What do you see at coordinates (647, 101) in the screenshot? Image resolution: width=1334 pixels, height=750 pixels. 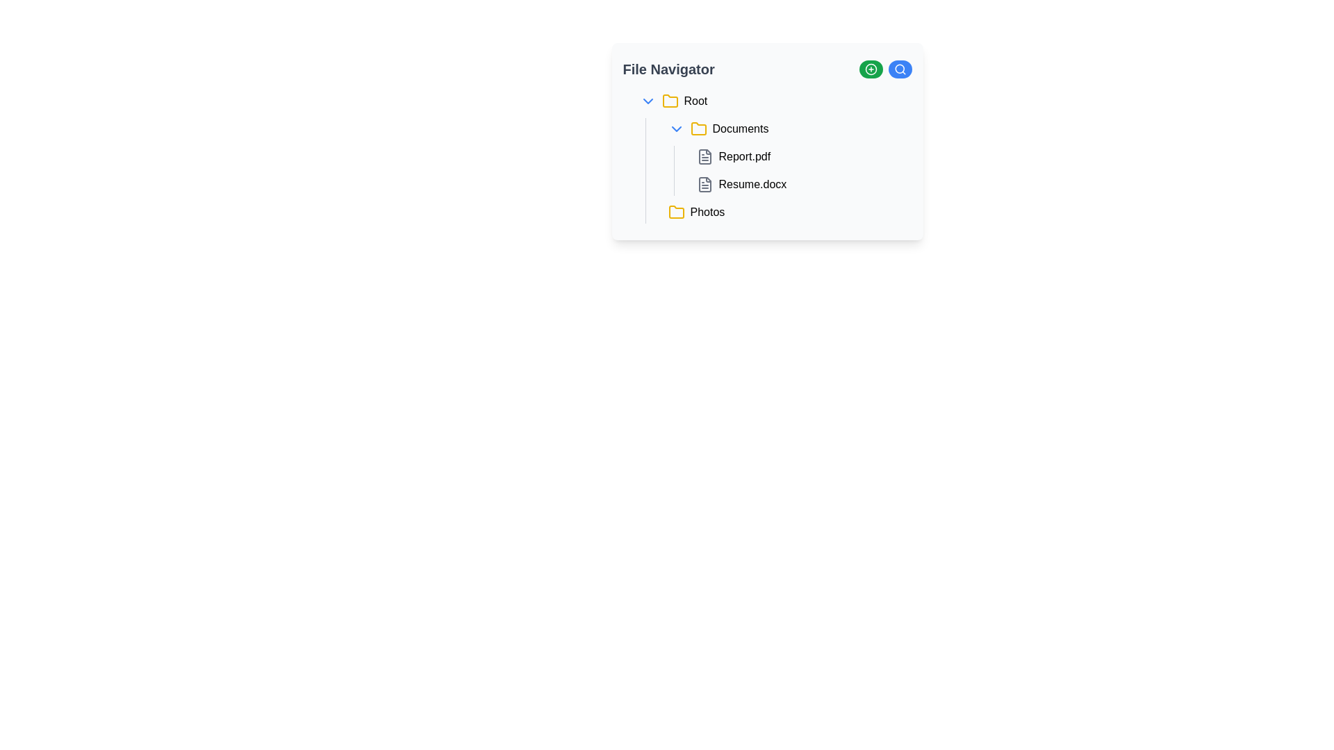 I see `the downward-facing blue arrow icon, which is the Collapsible Toggle Icon located just before the label 'Root'` at bounding box center [647, 101].